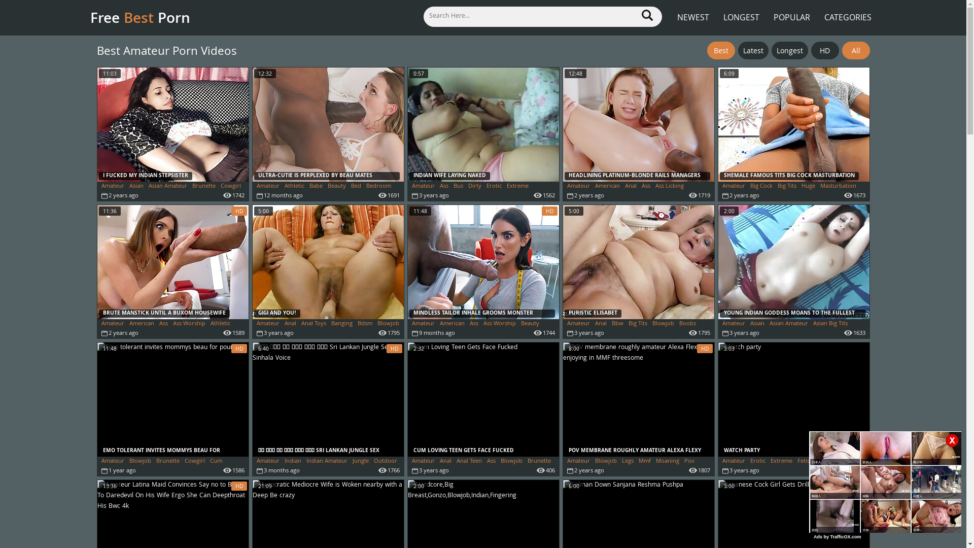  Describe the element at coordinates (483, 261) in the screenshot. I see `'MINDLESS TAILOR INHALE GROOMS MONSTER SOOTY HARD-ON'` at that location.